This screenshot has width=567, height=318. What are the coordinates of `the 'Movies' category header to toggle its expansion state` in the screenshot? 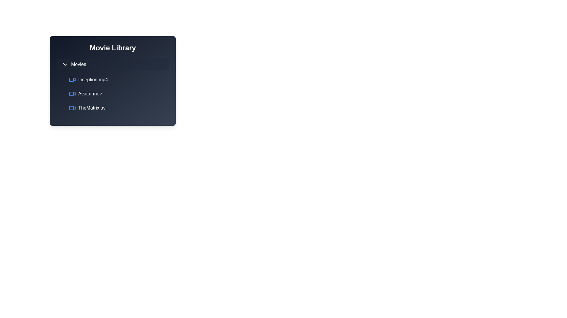 It's located at (113, 64).